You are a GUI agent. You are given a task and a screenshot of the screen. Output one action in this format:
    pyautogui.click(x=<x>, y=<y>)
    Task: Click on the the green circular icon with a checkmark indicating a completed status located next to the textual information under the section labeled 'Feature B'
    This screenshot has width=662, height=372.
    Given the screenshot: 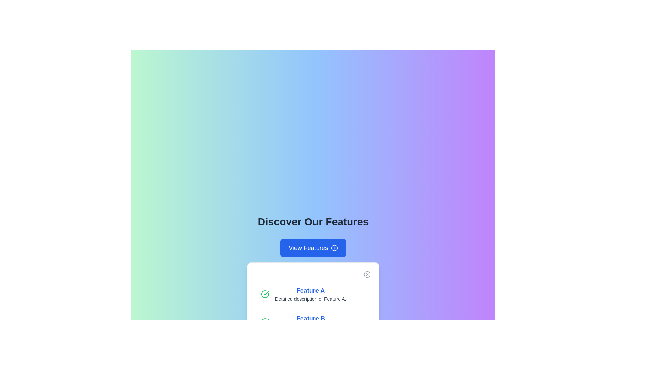 What is the action you would take?
    pyautogui.click(x=265, y=322)
    